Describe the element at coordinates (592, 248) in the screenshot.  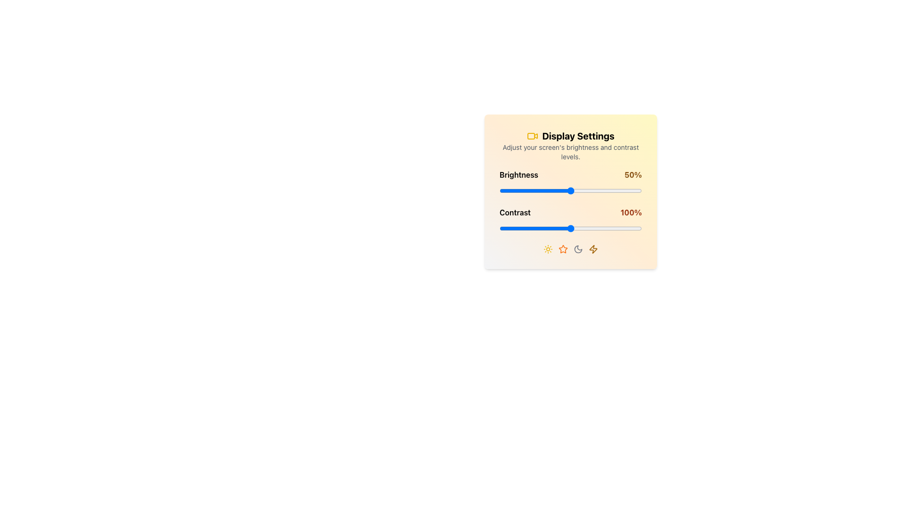
I see `the lightning bolt-shaped icon filled with brownish-orange color, which is the fifth icon in a row of five icons at the bottom of the 'Display Settings' card` at that location.